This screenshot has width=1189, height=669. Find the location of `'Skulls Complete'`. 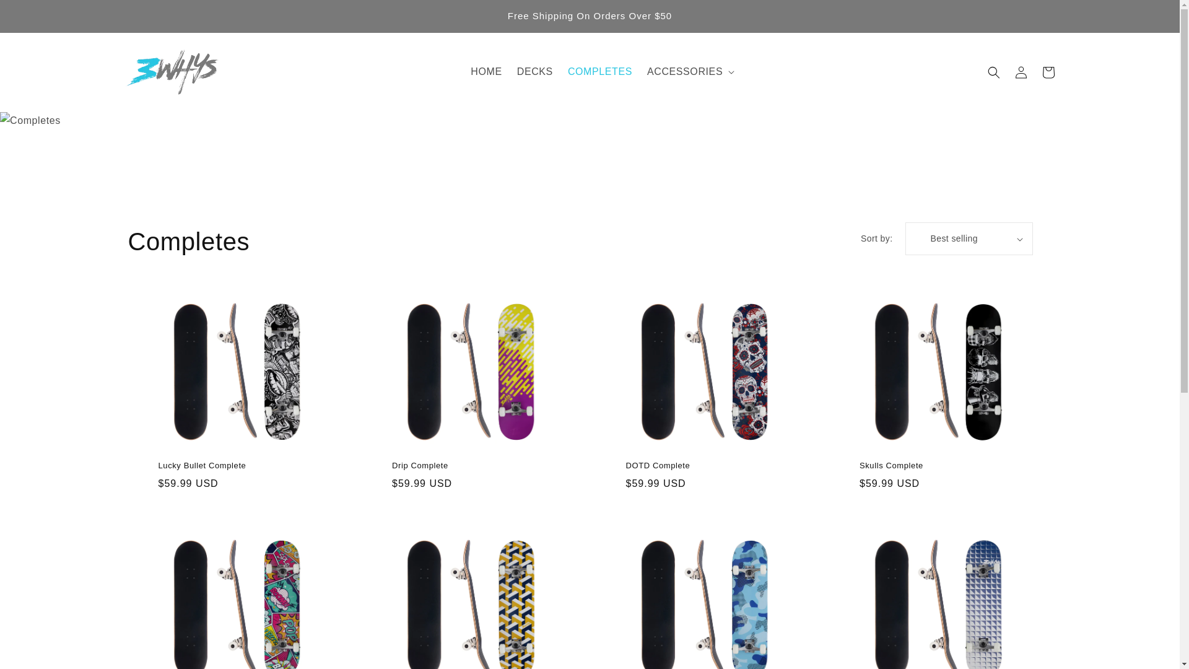

'Skulls Complete' is located at coordinates (933, 466).